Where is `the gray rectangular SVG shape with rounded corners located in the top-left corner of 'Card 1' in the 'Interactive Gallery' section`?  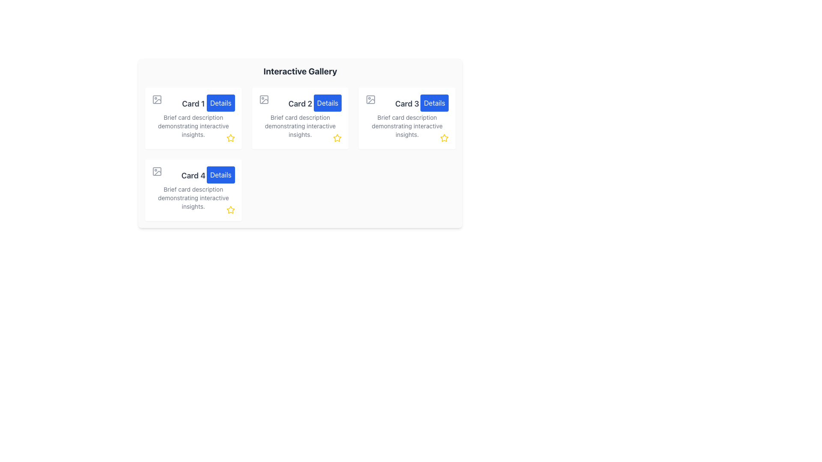
the gray rectangular SVG shape with rounded corners located in the top-left corner of 'Card 1' in the 'Interactive Gallery' section is located at coordinates (157, 99).